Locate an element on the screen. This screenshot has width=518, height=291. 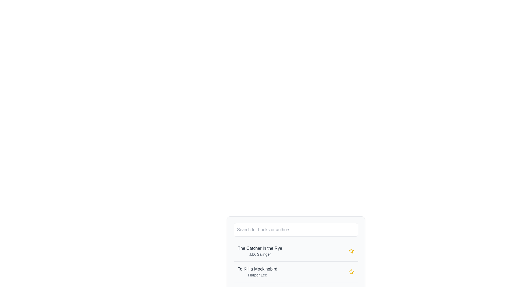
text content of the label displaying 'J.D. Salinger' which is styled in a smaller gray font and located beneath 'The Catcher in the Rye' is located at coordinates (260, 254).